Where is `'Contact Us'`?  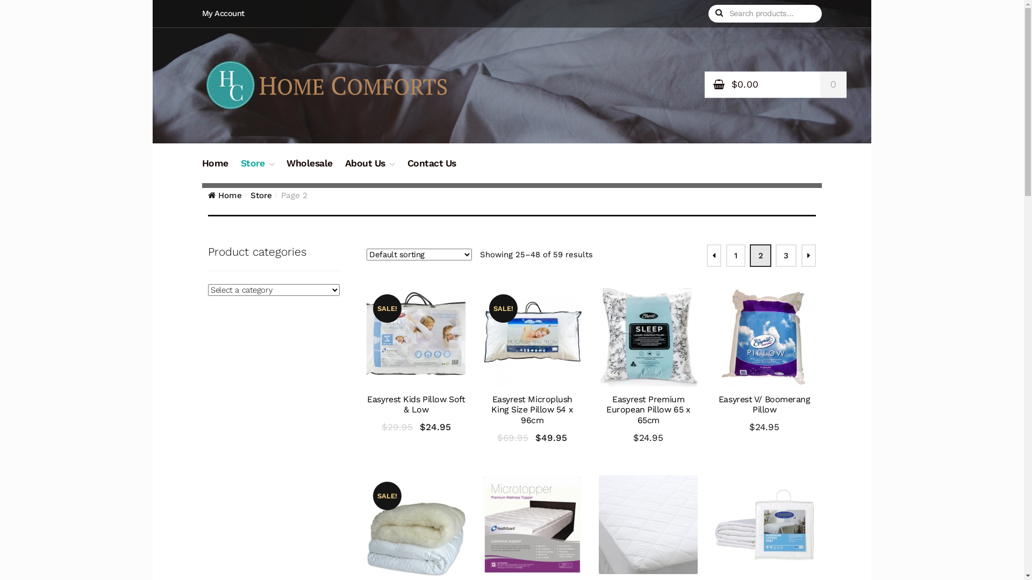 'Contact Us' is located at coordinates (432, 169).